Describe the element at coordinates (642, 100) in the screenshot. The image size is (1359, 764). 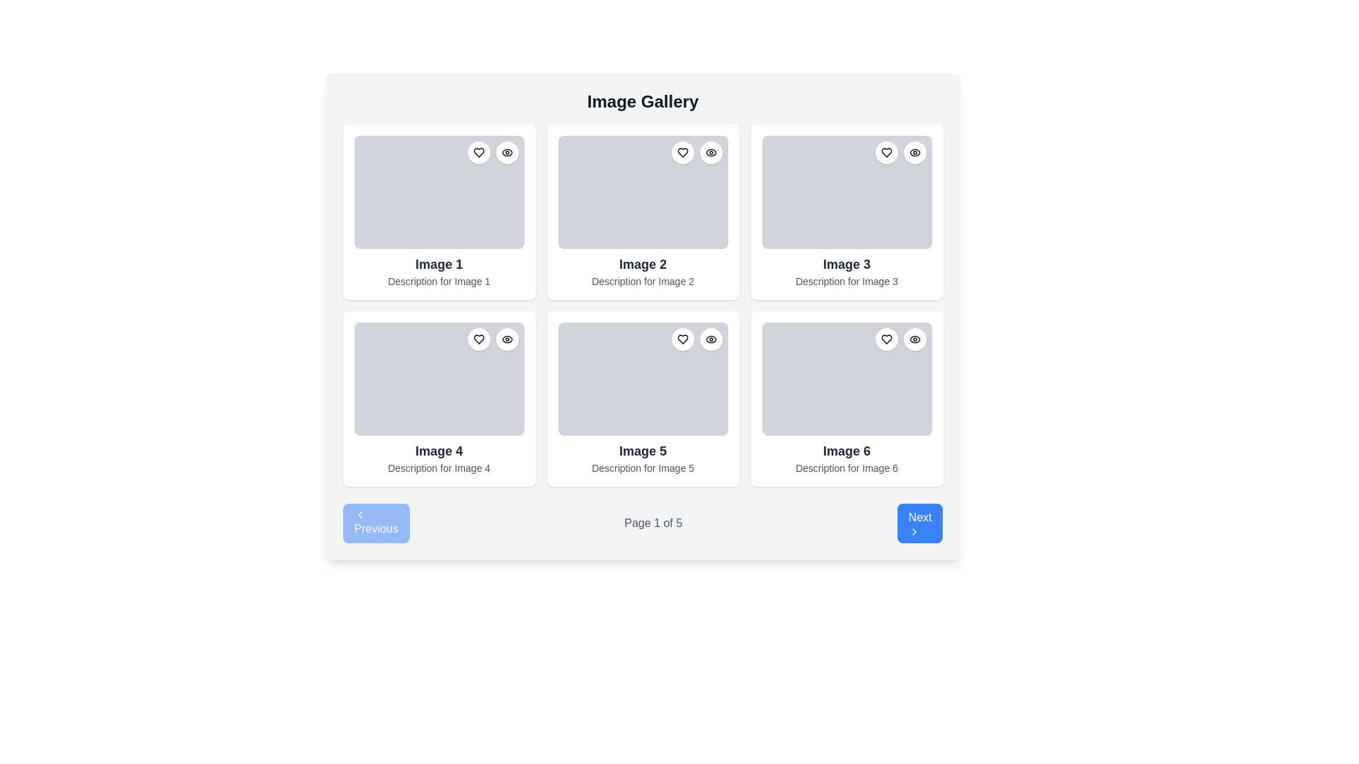
I see `the text label that reads 'Image Gallery', which is a bold stylized title positioned at the top-center of the interface, above a grid of image thumbnails` at that location.